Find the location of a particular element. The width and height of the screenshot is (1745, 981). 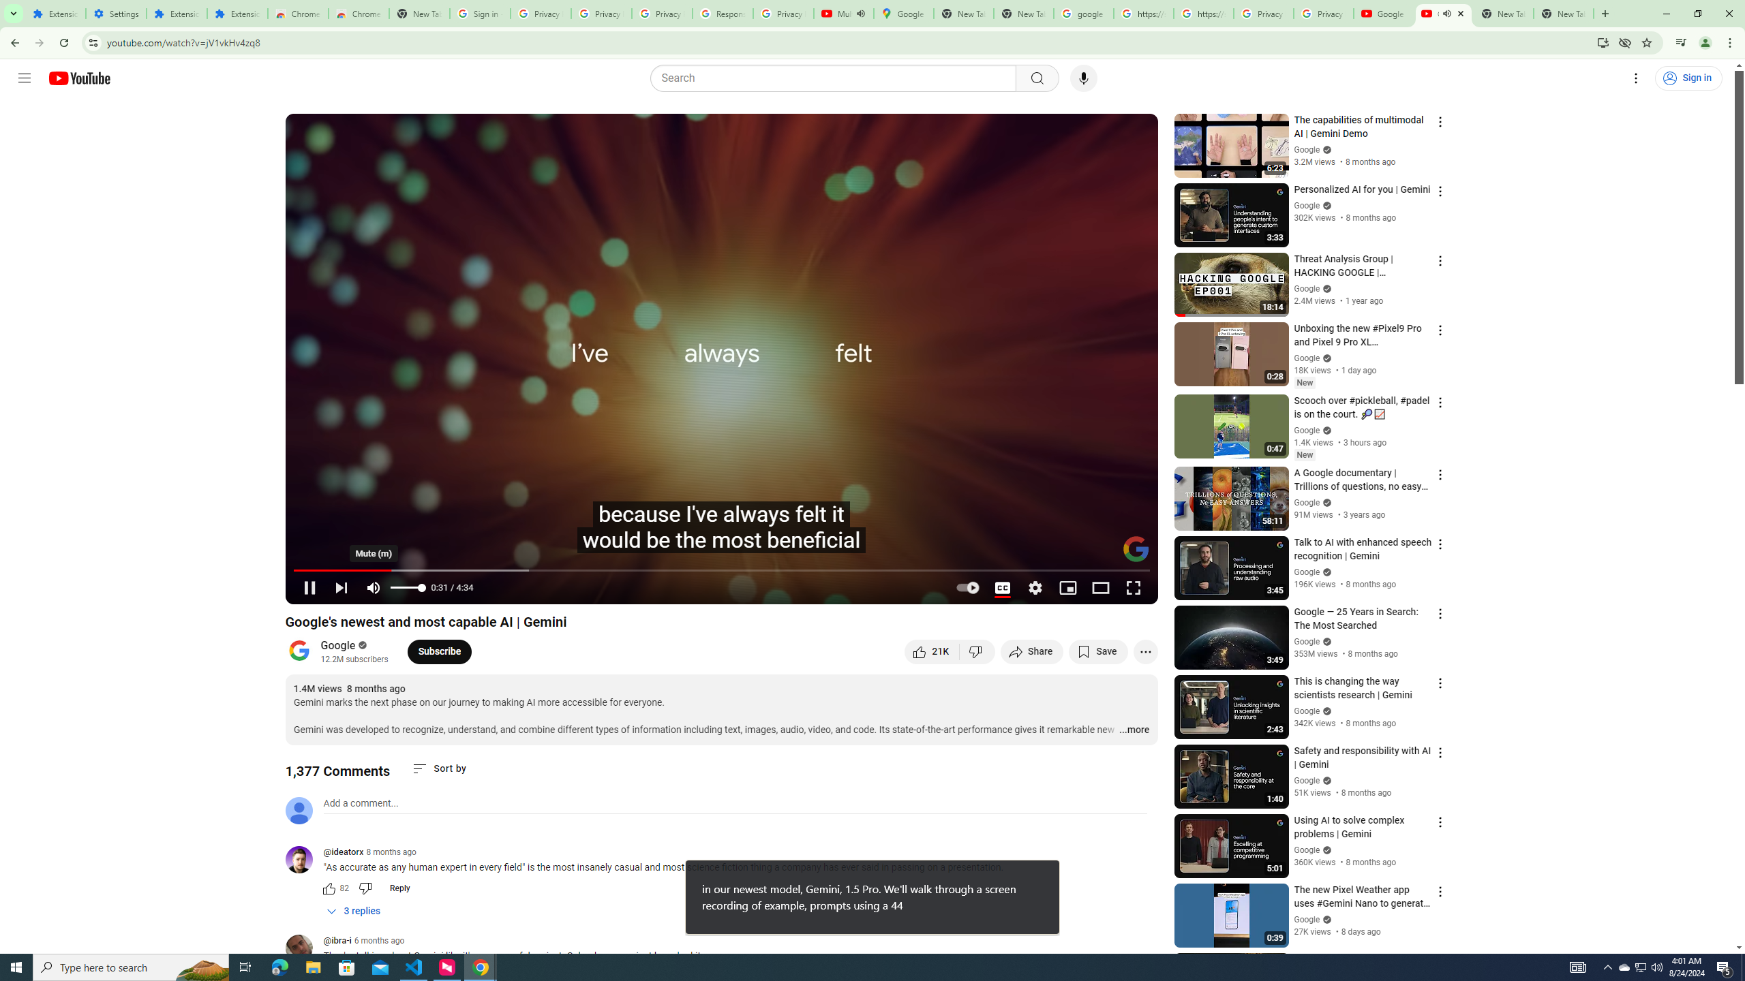

'@ideatorx' is located at coordinates (344, 852).